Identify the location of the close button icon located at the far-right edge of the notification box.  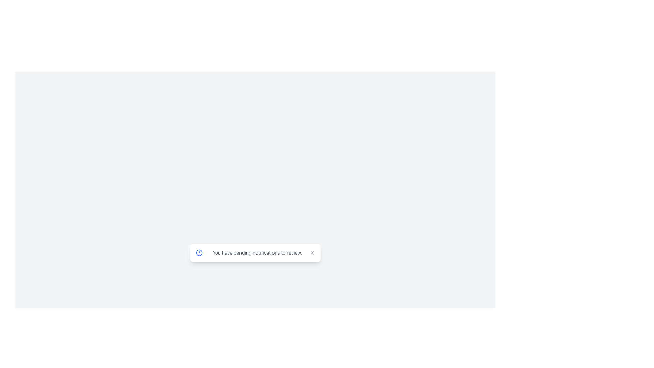
(312, 252).